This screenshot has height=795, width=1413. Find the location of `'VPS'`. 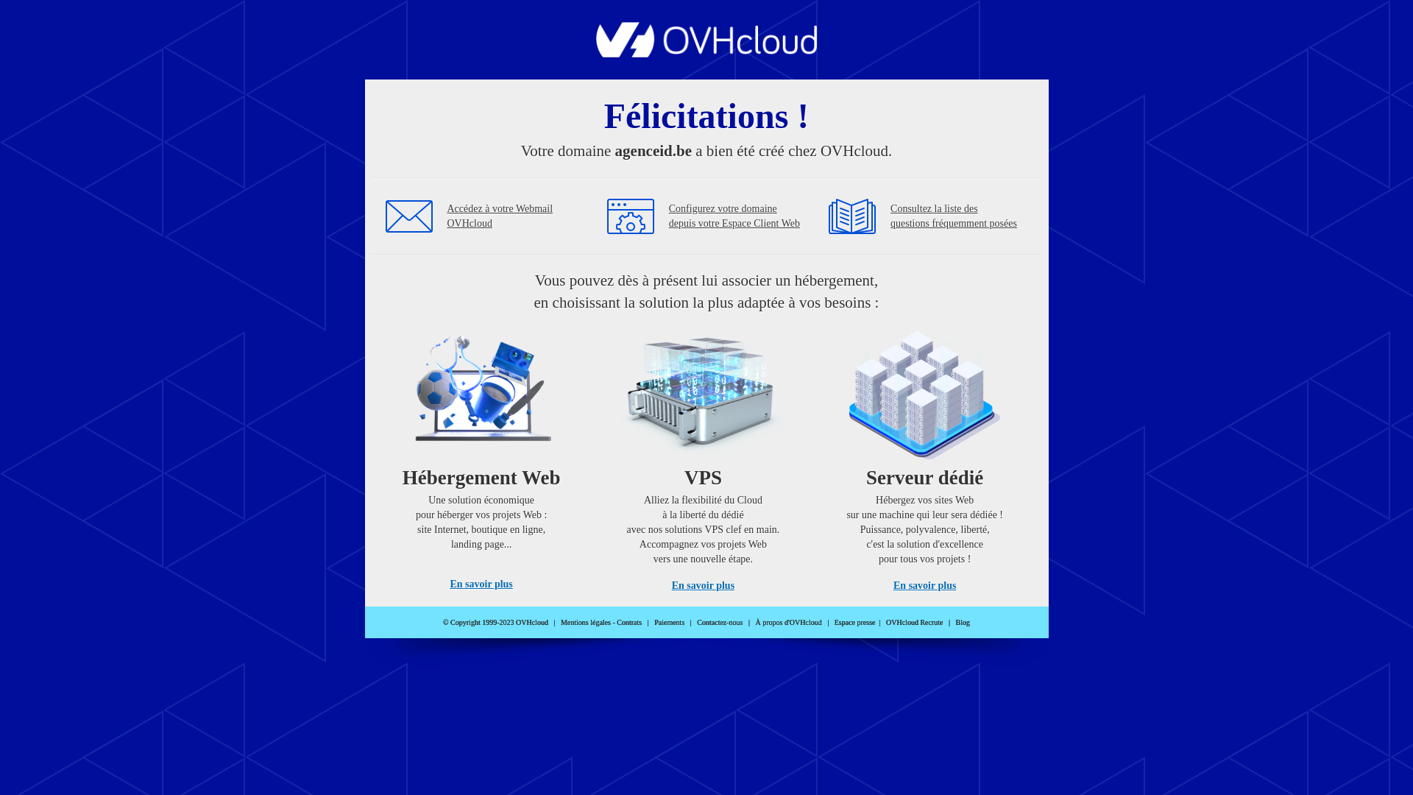

'VPS' is located at coordinates (620, 455).